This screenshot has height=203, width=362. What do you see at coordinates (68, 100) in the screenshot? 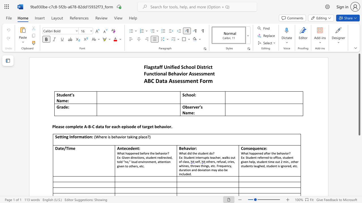
I see `the 1th character ":" in the text` at bounding box center [68, 100].